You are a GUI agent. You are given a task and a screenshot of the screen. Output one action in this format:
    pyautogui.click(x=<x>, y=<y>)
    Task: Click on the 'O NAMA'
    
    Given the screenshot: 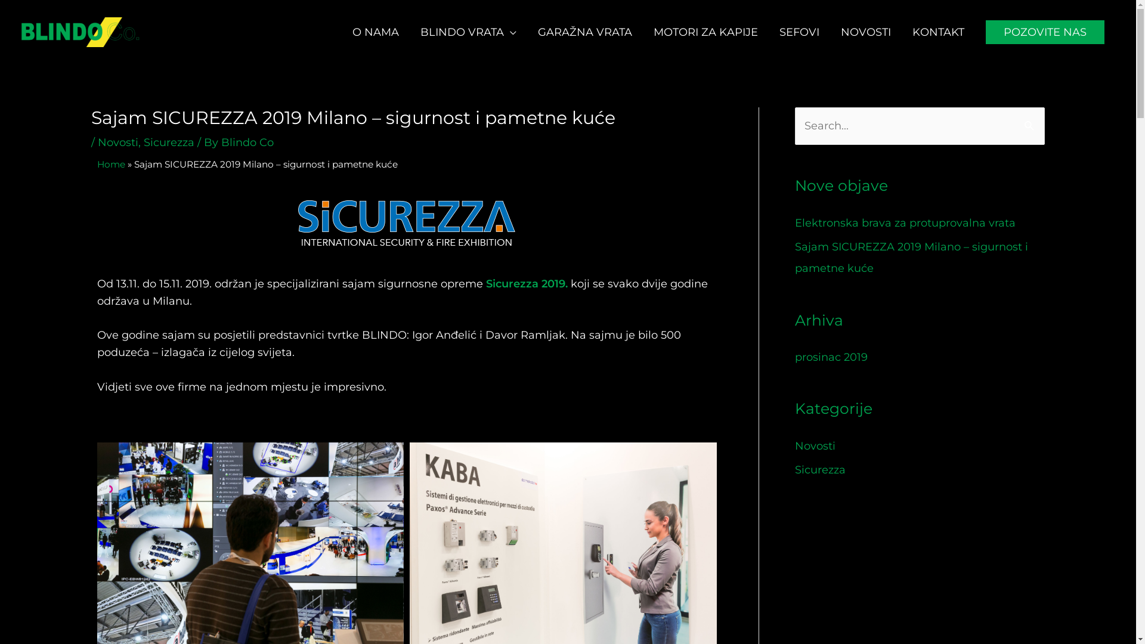 What is the action you would take?
    pyautogui.click(x=375, y=32)
    